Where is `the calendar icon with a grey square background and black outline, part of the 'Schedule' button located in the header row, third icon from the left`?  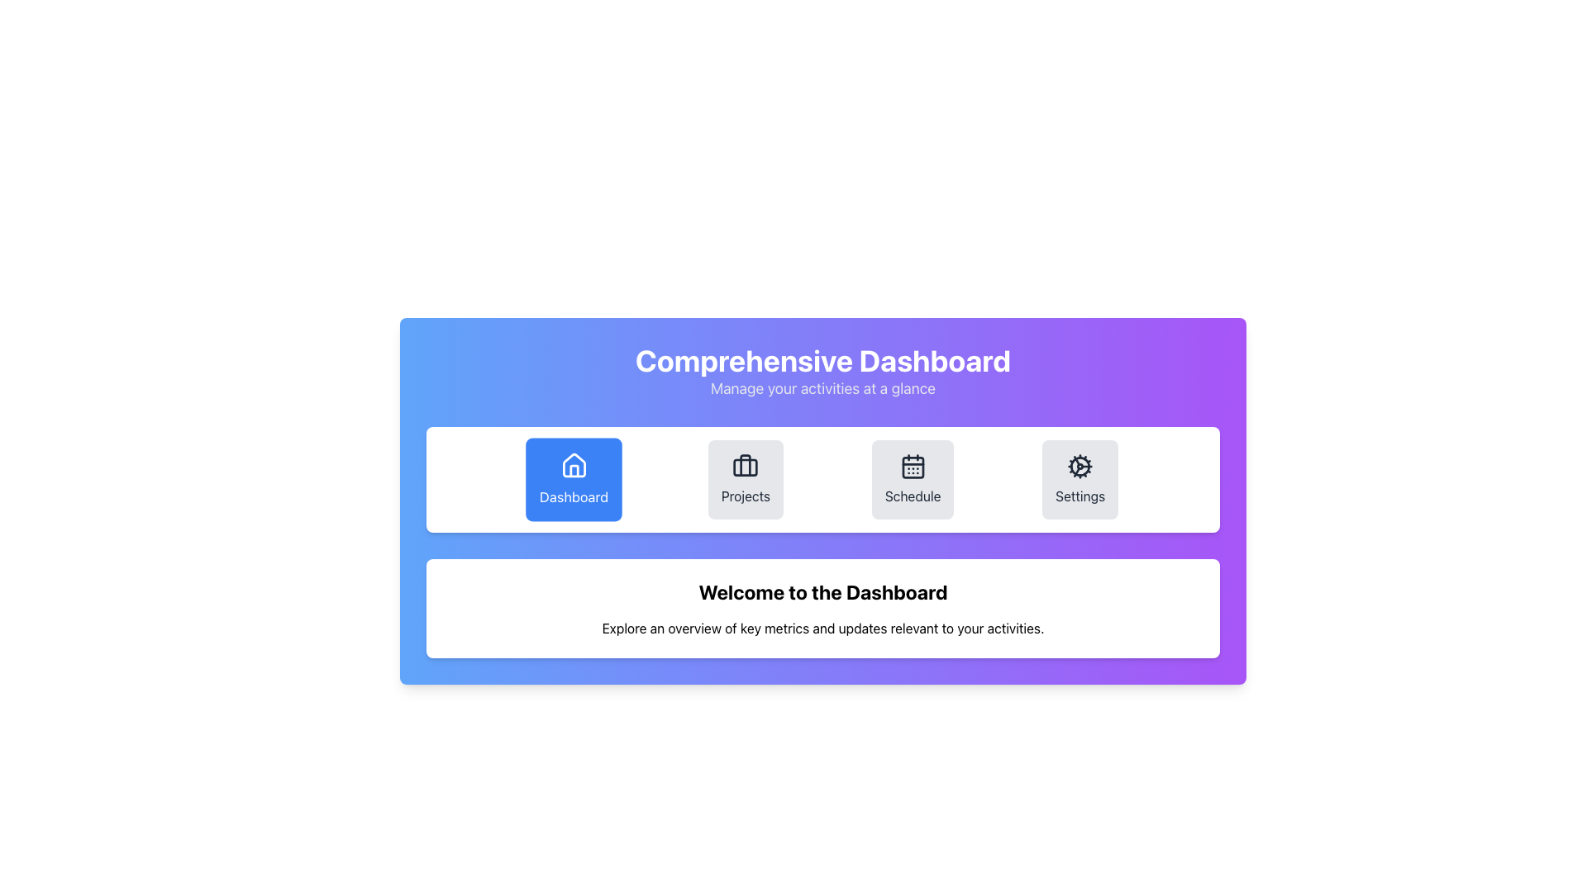 the calendar icon with a grey square background and black outline, part of the 'Schedule' button located in the header row, third icon from the left is located at coordinates (912, 466).